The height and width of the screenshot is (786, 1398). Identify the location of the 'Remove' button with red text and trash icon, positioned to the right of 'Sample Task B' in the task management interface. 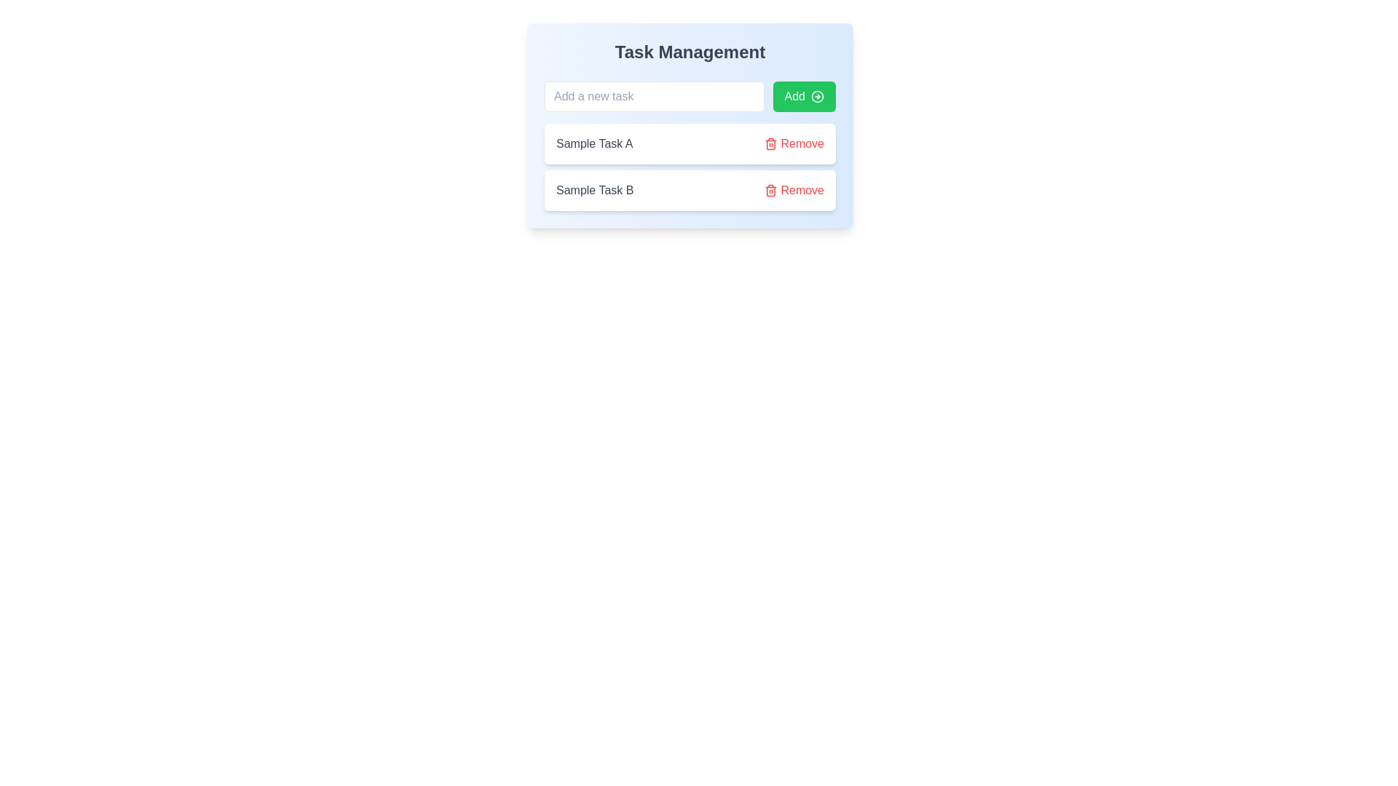
(794, 190).